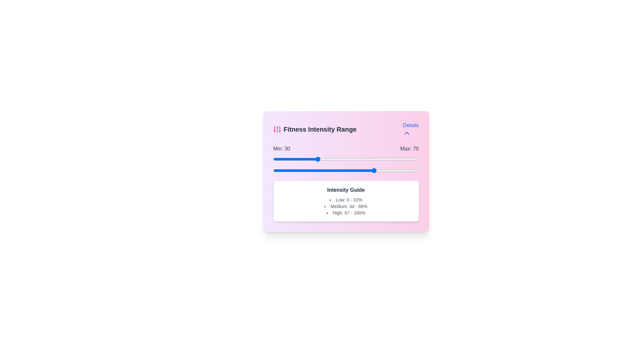  I want to click on the minimum intensity slider to 33 percent, so click(321, 159).